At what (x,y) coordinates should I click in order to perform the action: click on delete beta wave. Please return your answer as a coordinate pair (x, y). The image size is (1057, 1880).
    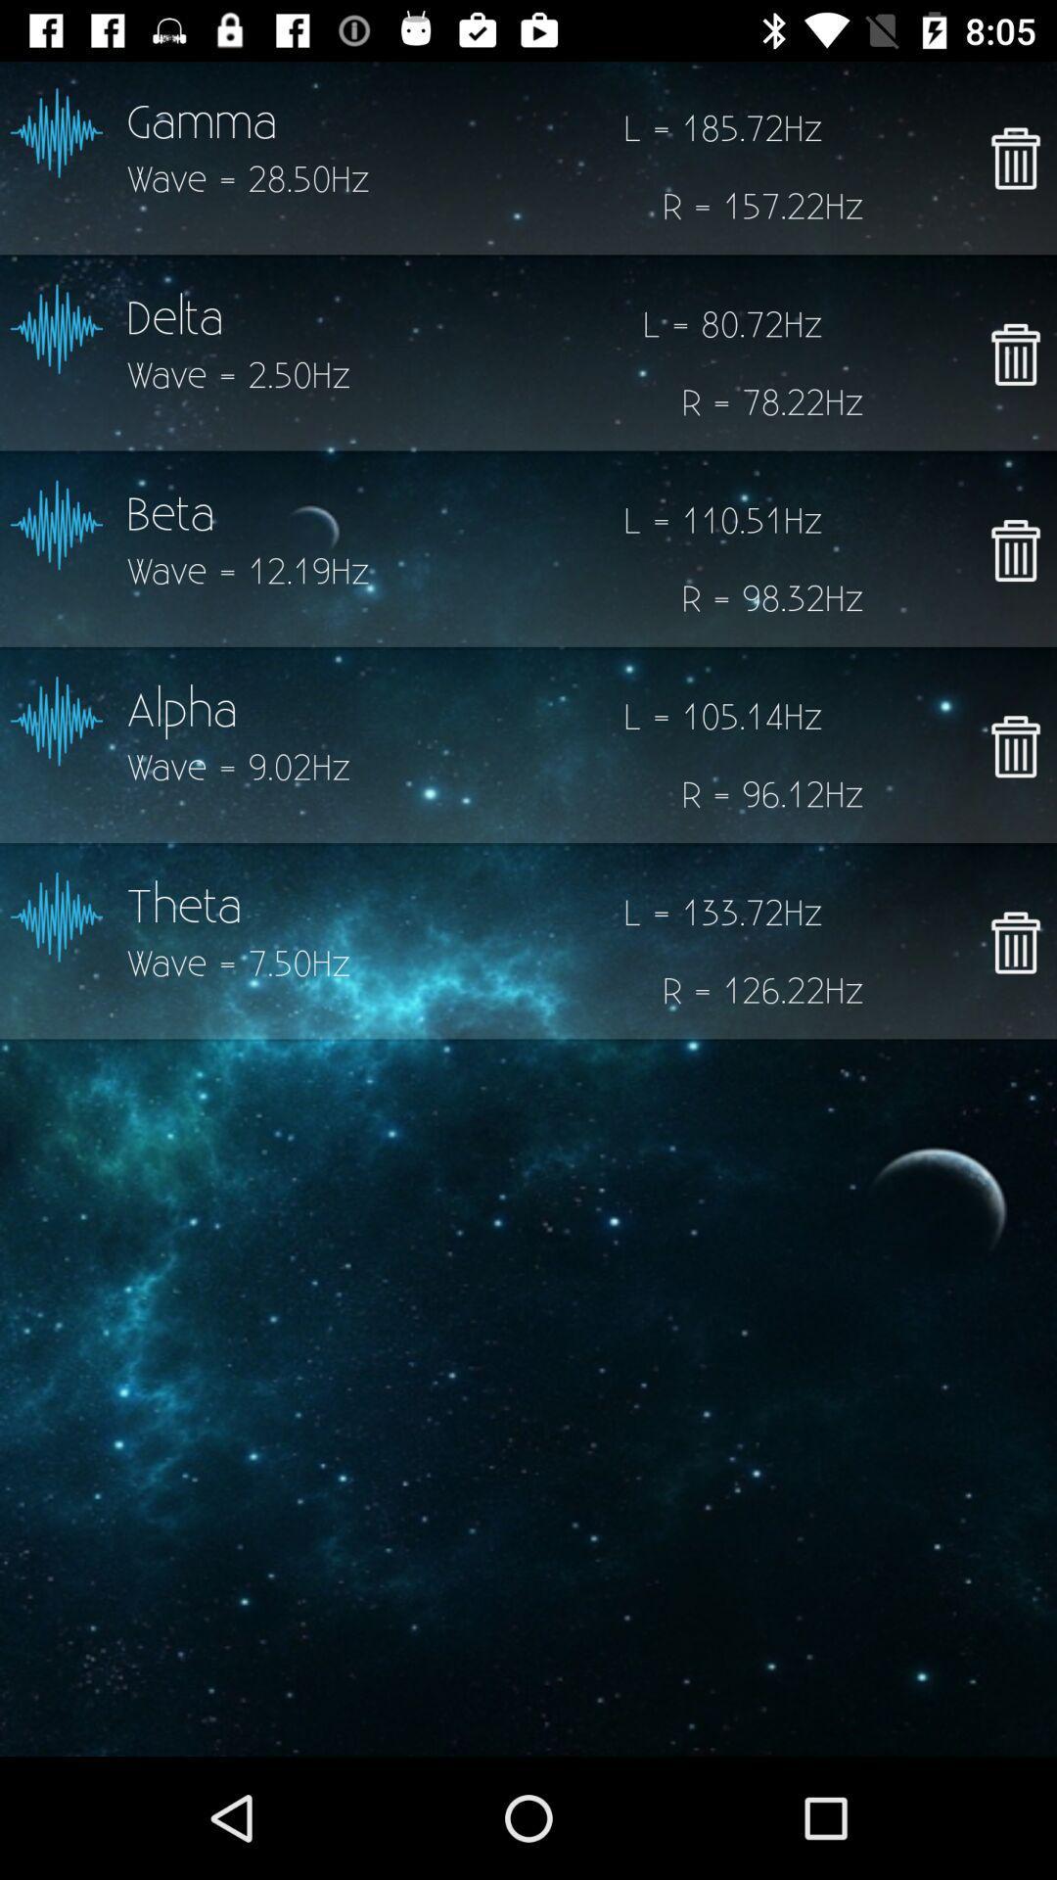
    Looking at the image, I should click on (1014, 549).